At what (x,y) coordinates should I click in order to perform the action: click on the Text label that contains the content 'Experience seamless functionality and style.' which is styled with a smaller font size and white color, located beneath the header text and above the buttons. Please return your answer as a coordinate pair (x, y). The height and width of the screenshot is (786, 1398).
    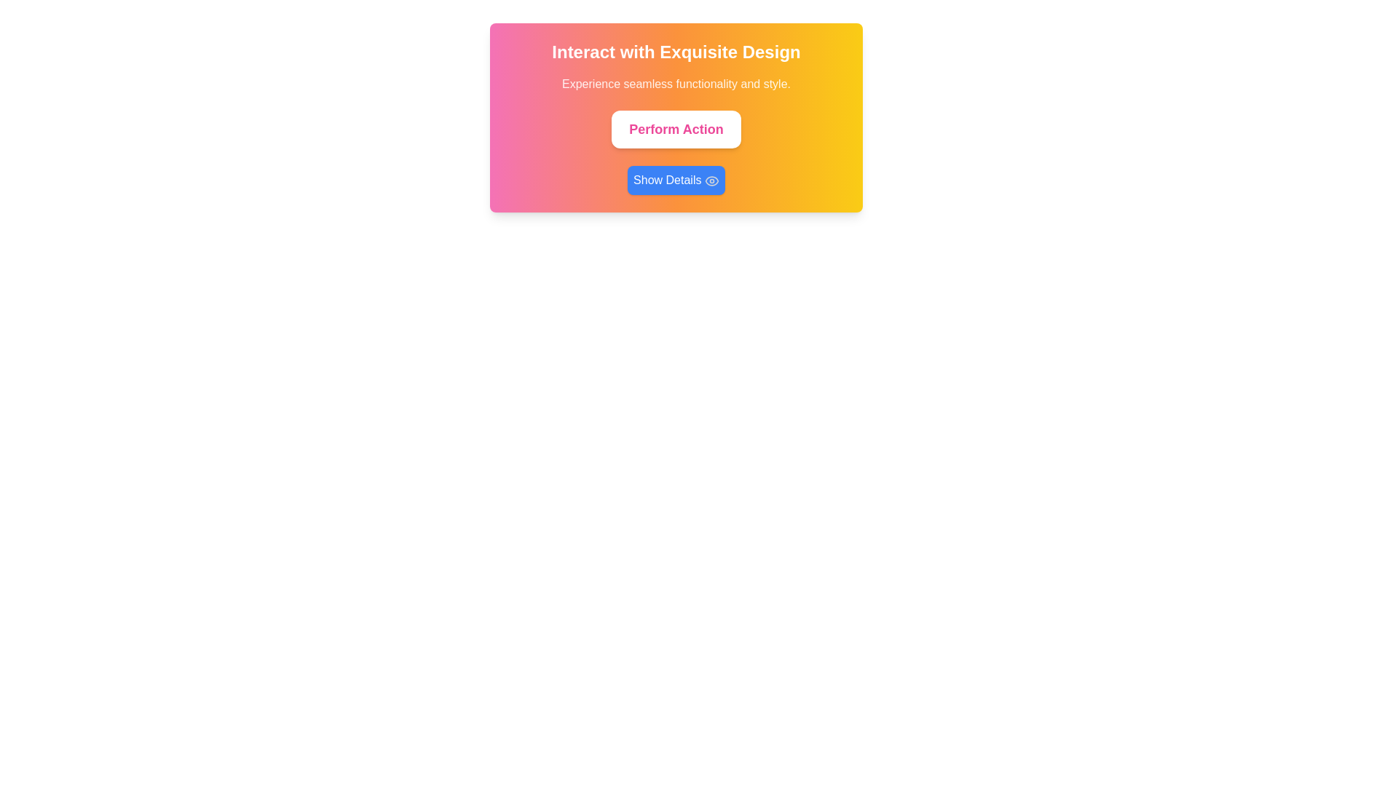
    Looking at the image, I should click on (676, 84).